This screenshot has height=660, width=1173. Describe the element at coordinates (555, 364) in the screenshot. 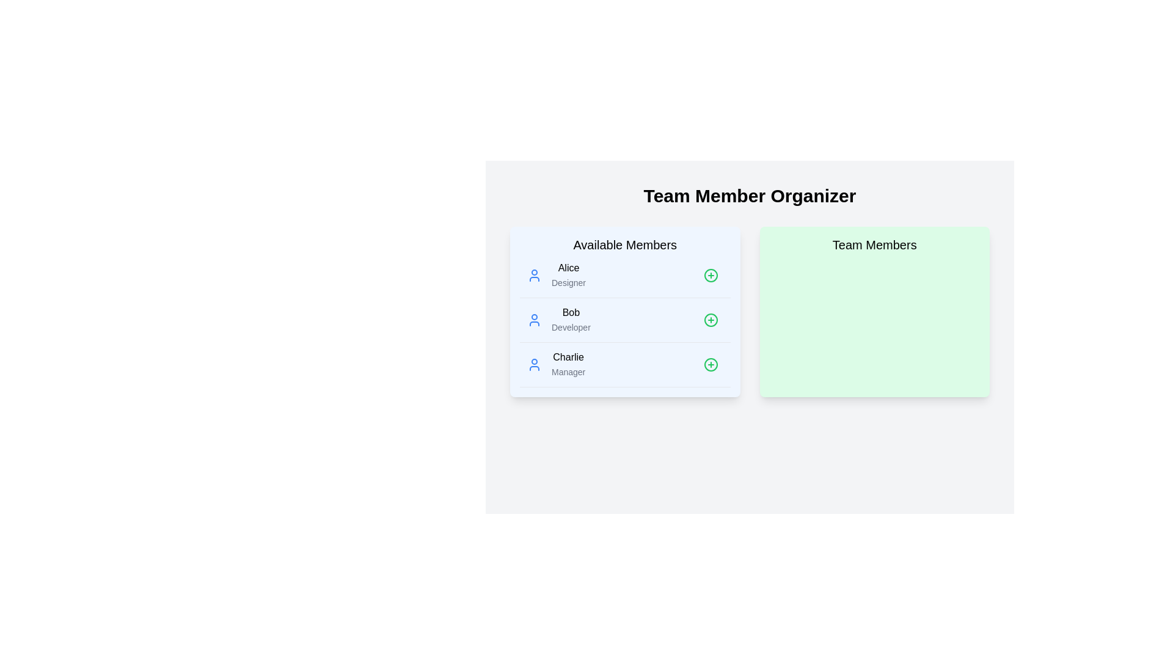

I see `the user profile display element for 'Charlie', labelled as 'Manager', located in the 'Available Members' section` at that location.